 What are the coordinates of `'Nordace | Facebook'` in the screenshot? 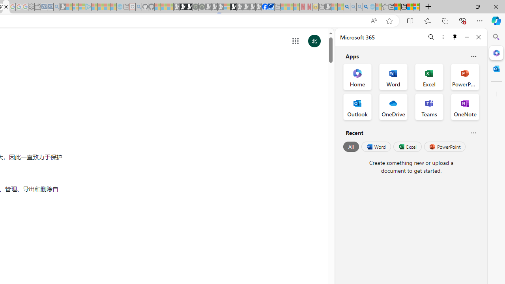 It's located at (265, 7).